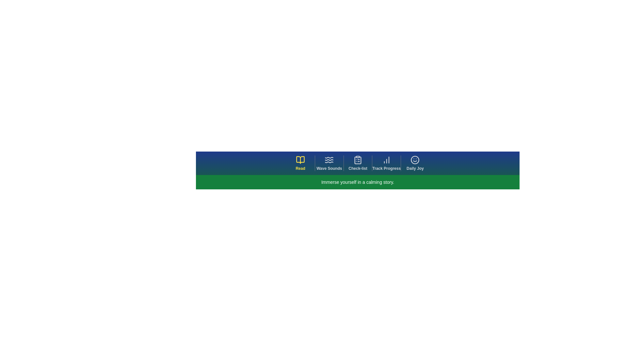  What do you see at coordinates (386, 163) in the screenshot?
I see `the navigation tab labeled Track Progress` at bounding box center [386, 163].